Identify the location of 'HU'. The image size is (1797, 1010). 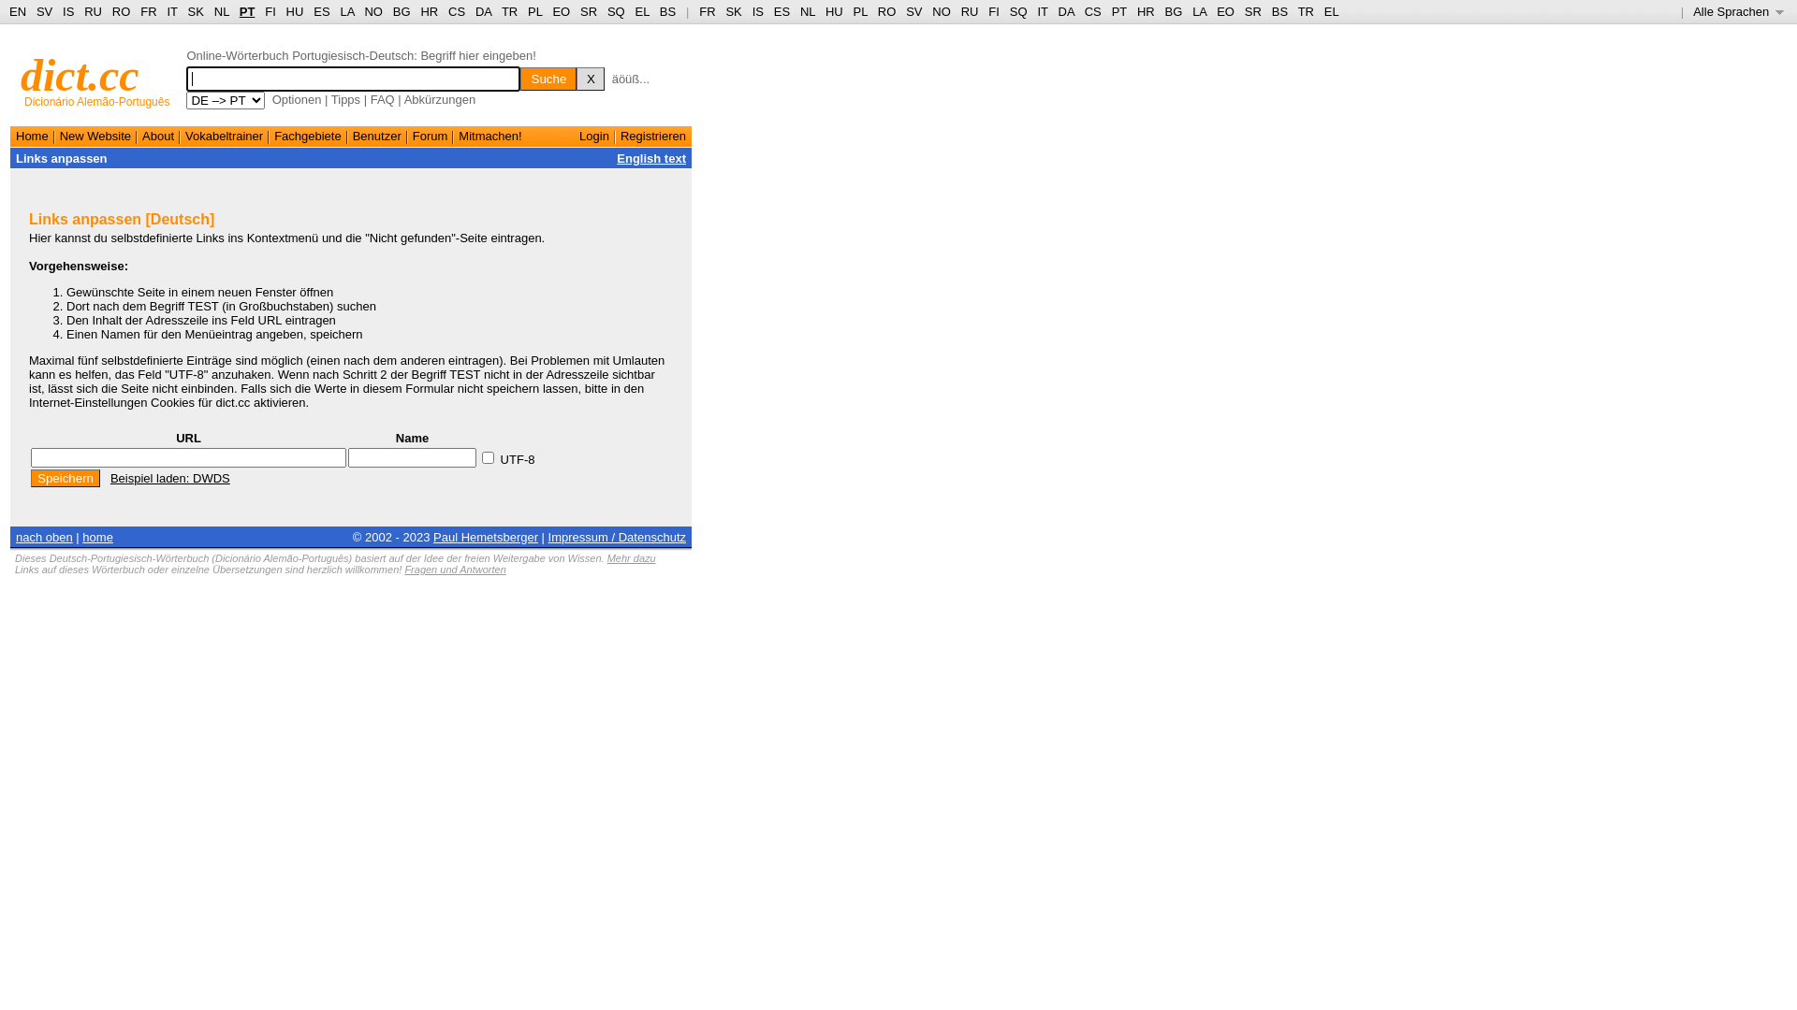
(294, 11).